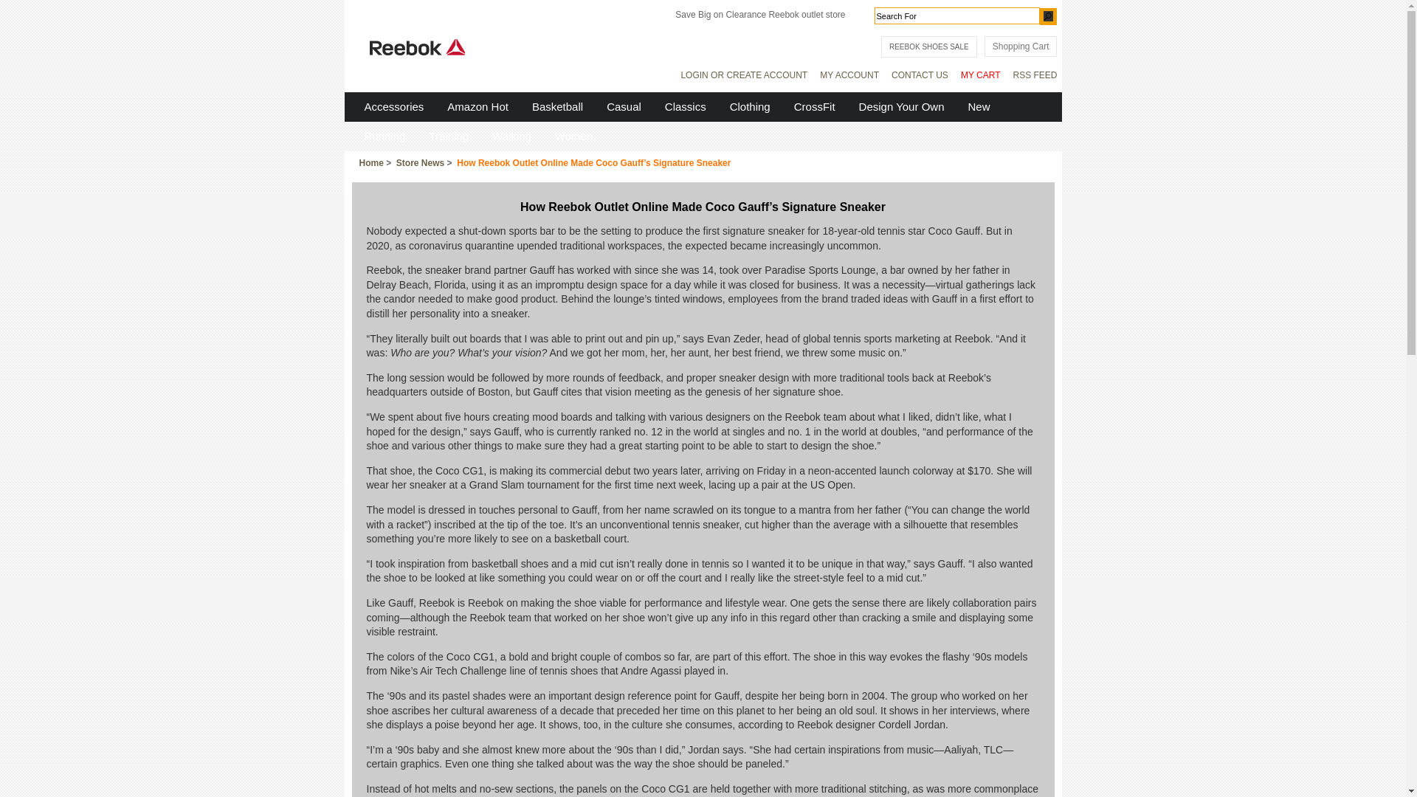 The width and height of the screenshot is (1417, 797). What do you see at coordinates (352, 136) in the screenshot?
I see `'Running'` at bounding box center [352, 136].